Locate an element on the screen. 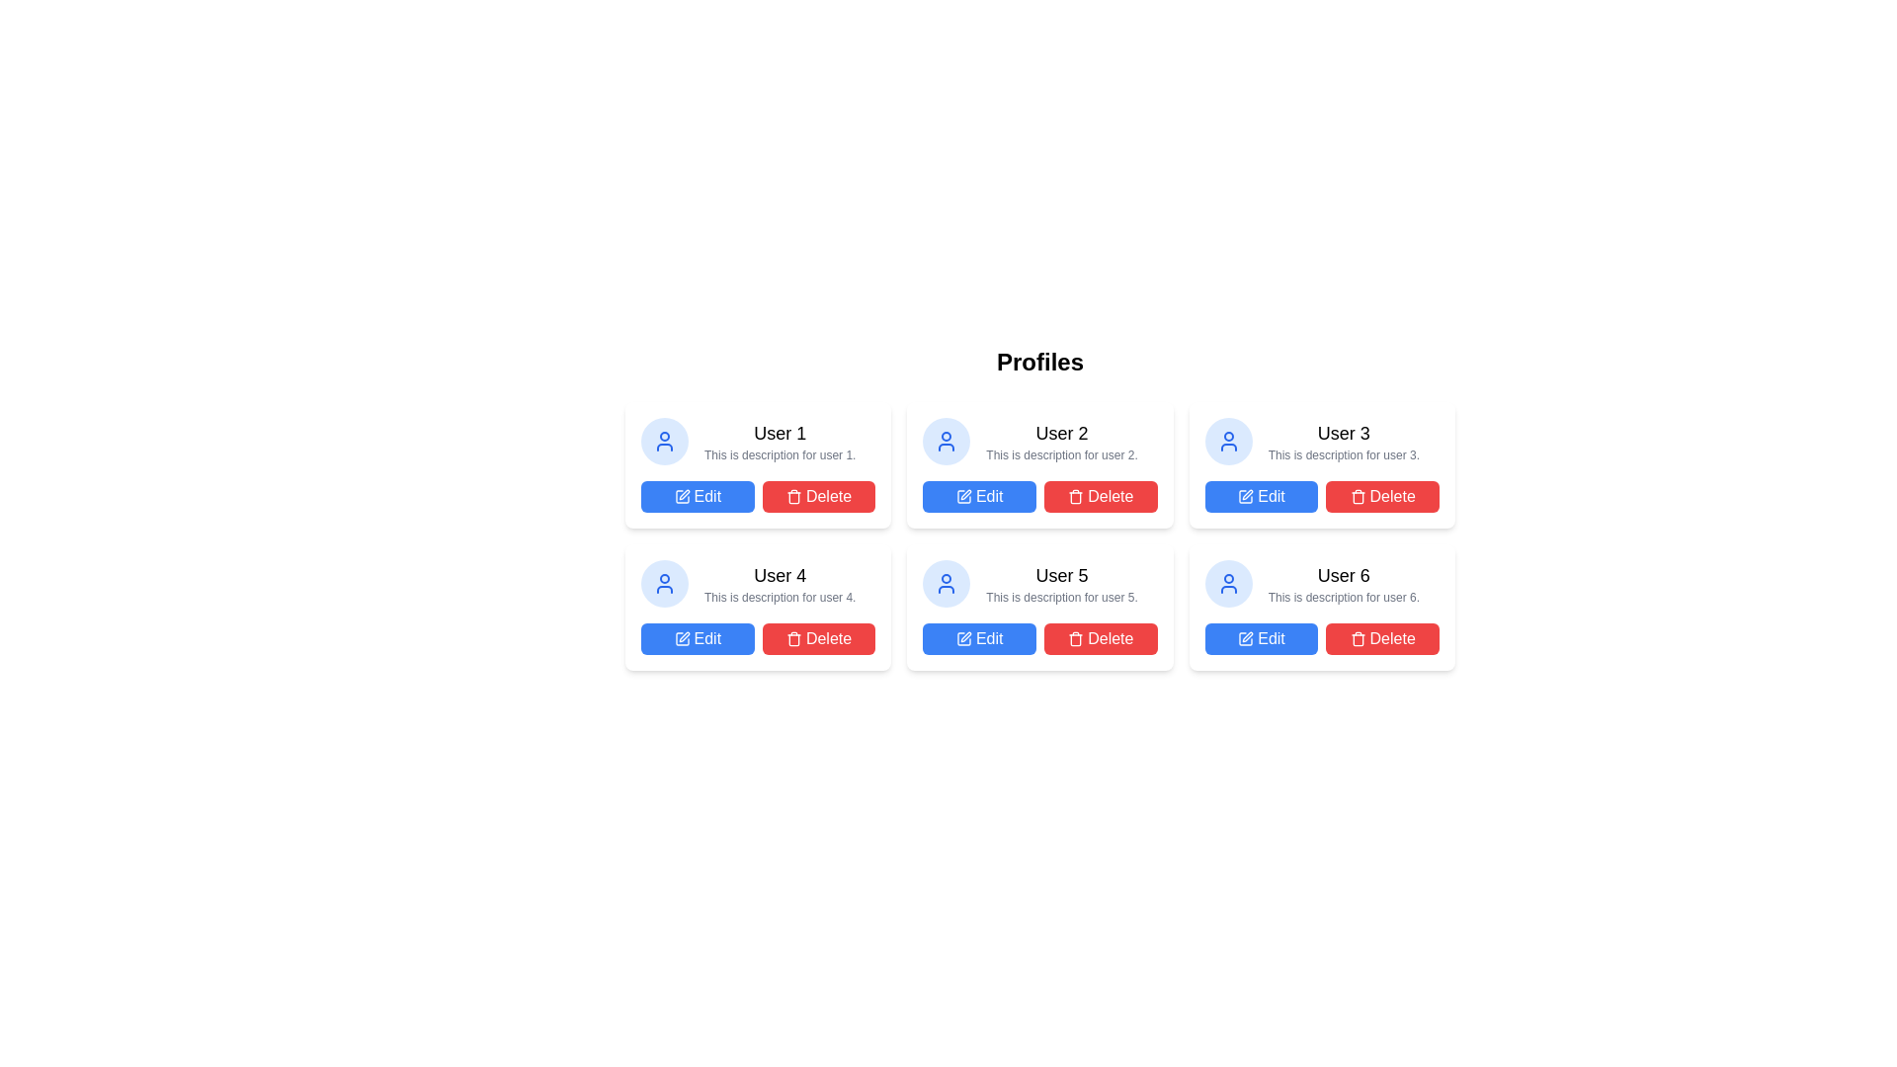 The width and height of the screenshot is (1897, 1067). the 'User 1' text label which is displayed in bold font and situated in the first profile card in the top left of the grid layout is located at coordinates (779, 433).